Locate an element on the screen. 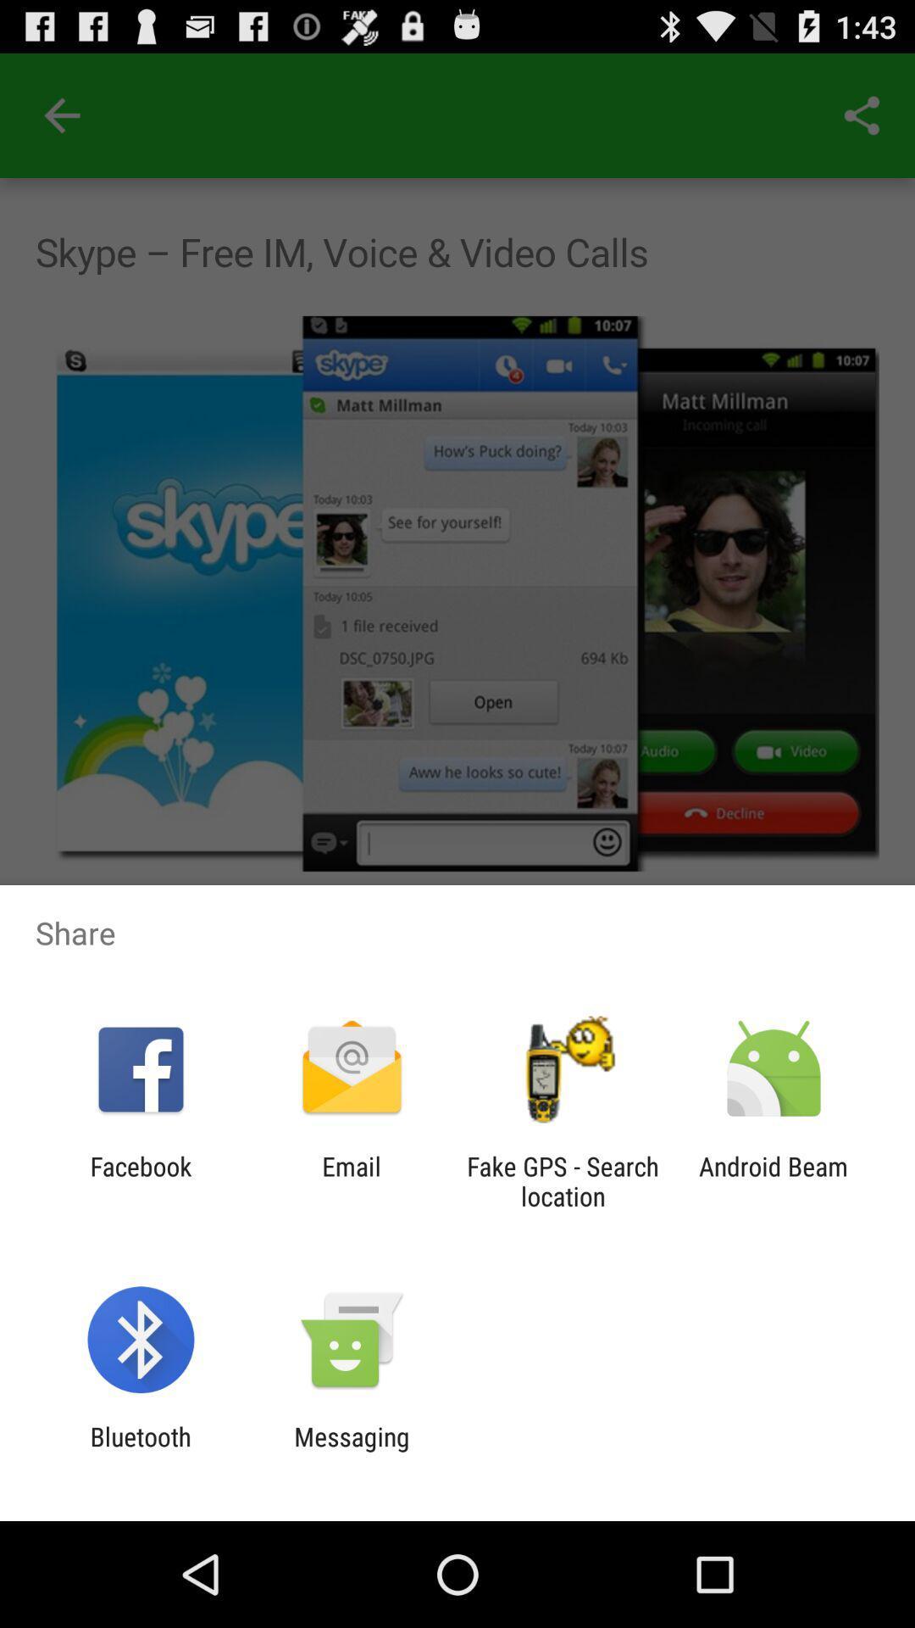  facebook is located at coordinates (140, 1180).